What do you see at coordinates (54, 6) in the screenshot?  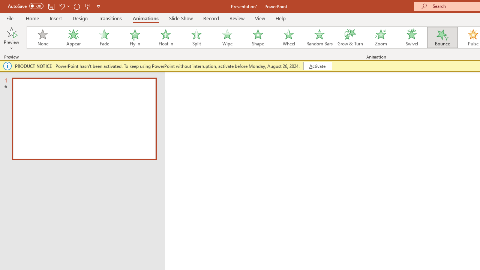 I see `'Quick Access Toolbar'` at bounding box center [54, 6].